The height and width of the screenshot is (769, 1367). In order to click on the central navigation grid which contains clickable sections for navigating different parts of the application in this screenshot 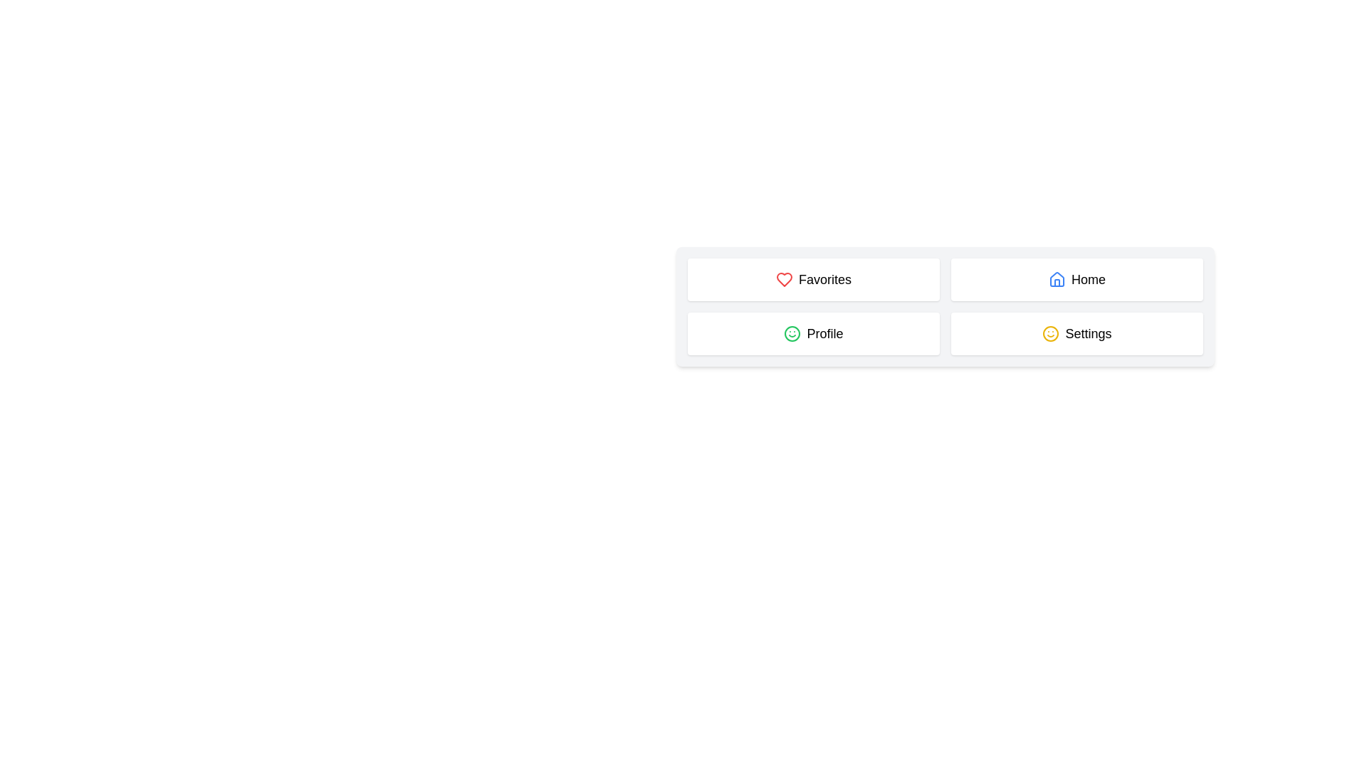, I will do `click(946, 306)`.